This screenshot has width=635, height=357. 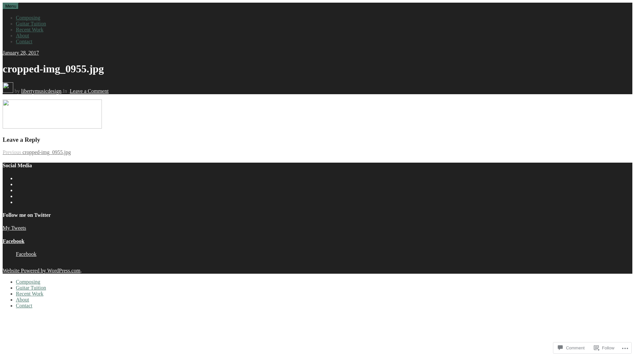 I want to click on 'Comment', so click(x=571, y=347).